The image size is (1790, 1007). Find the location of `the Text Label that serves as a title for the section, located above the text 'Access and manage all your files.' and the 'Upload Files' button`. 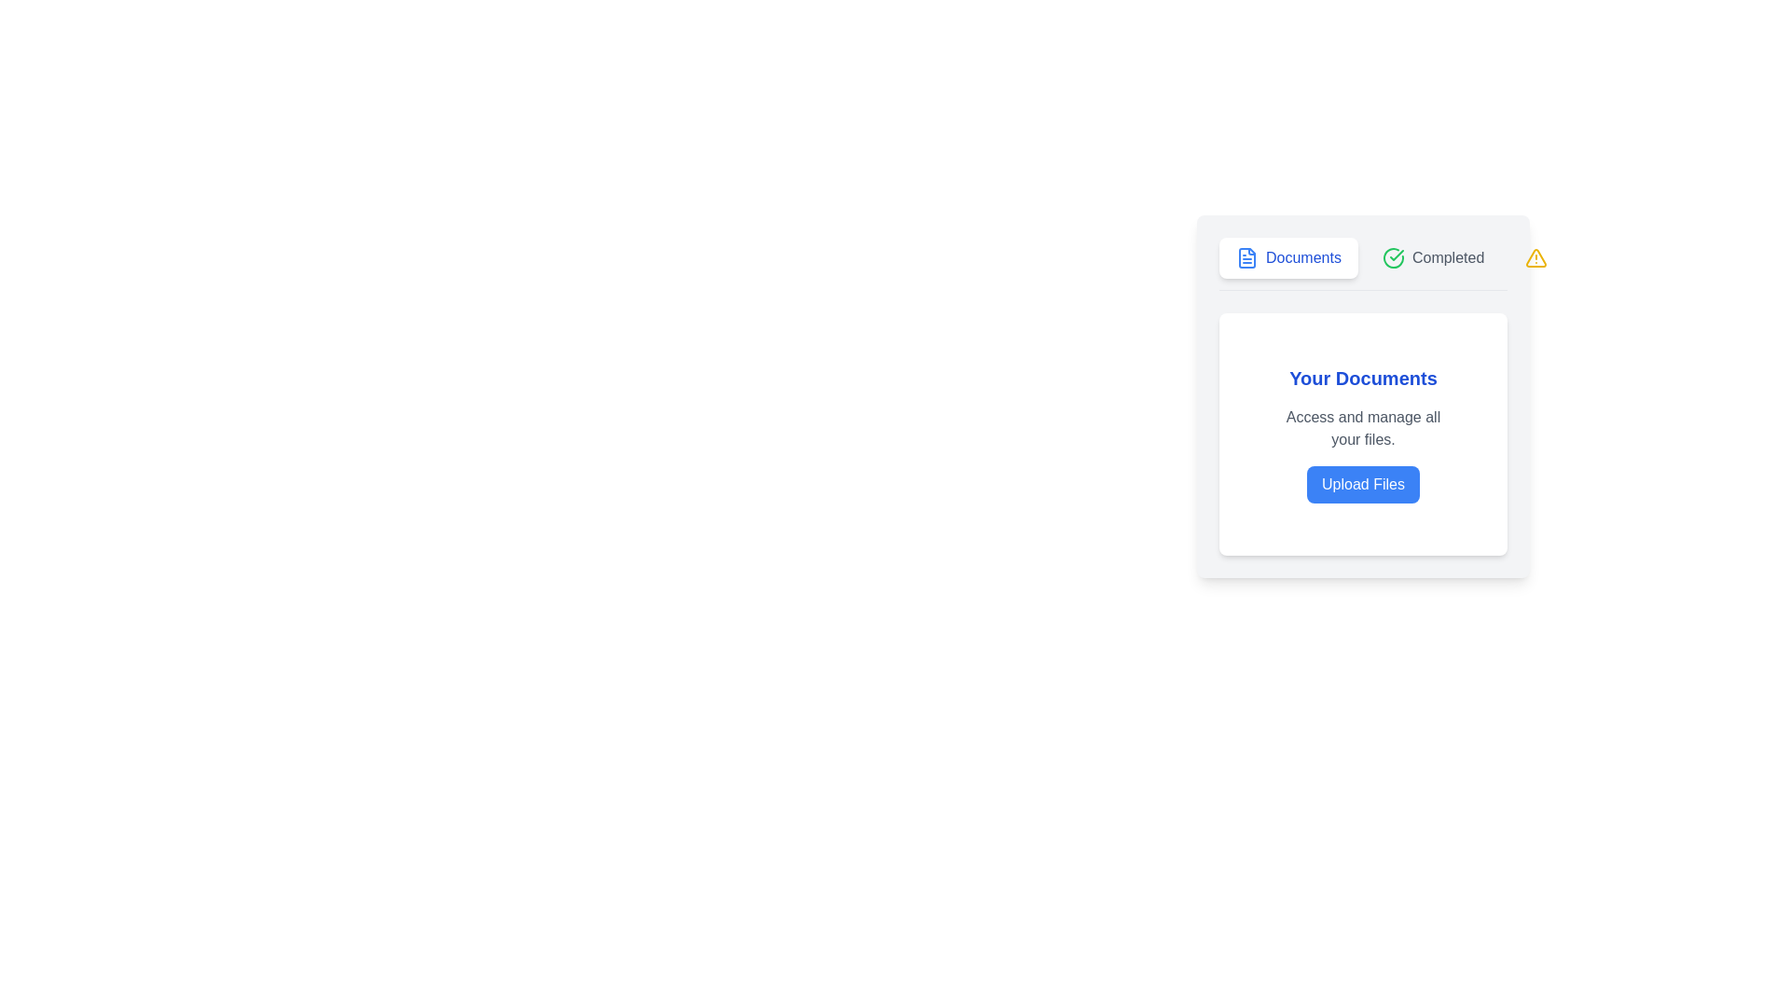

the Text Label that serves as a title for the section, located above the text 'Access and manage all your files.' and the 'Upload Files' button is located at coordinates (1363, 378).